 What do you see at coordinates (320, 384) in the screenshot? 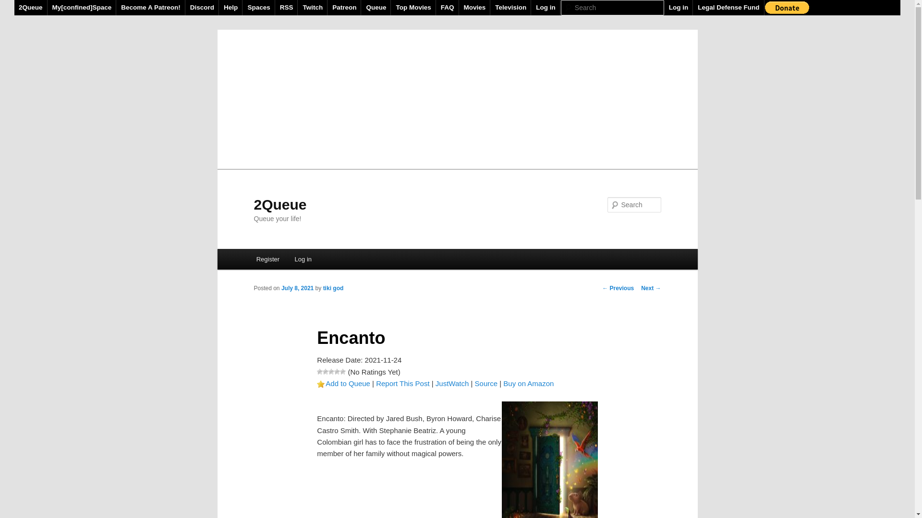
I see `'Favorite'` at bounding box center [320, 384].